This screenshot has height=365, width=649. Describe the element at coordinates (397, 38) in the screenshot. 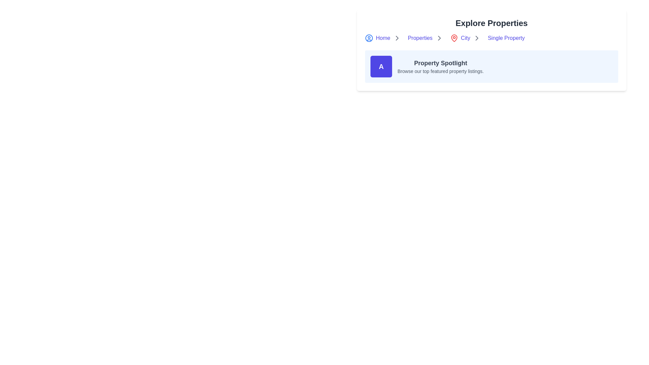

I see `the right-pointing chevron icon in the breadcrumb navigation bar, which is styled with a gray color tone and positioned between the 'Home' and 'Properties' links` at that location.